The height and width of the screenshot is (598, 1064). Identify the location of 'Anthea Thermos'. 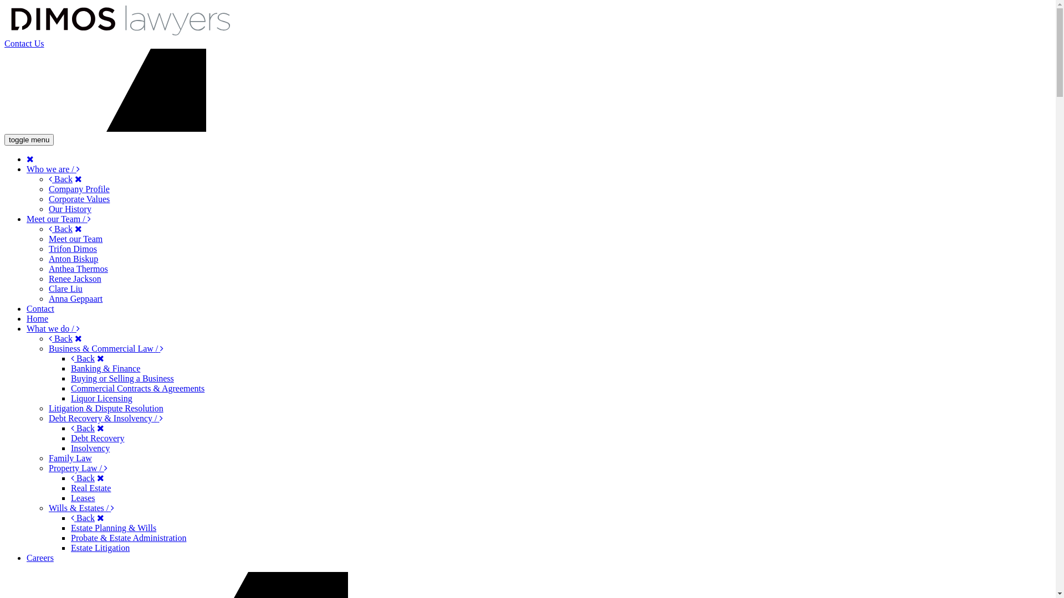
(78, 269).